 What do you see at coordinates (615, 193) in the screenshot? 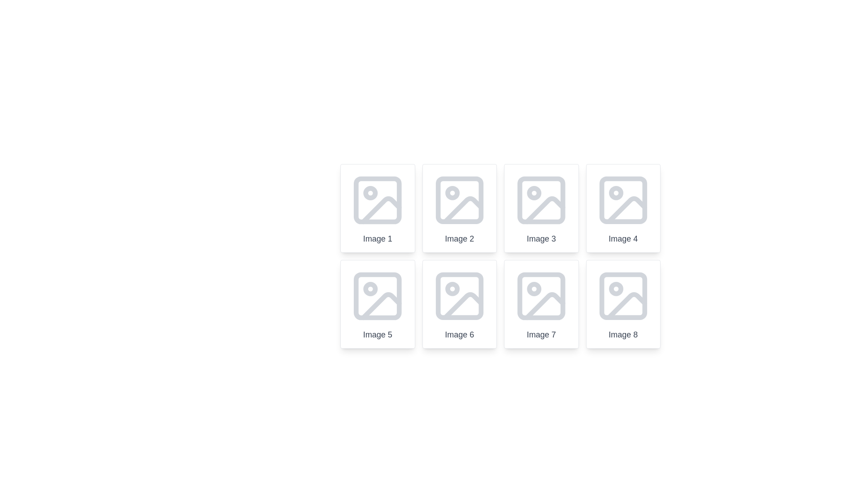
I see `the small circular SVG element, which is centrally located within the fourth image placeholder in the grid layout` at bounding box center [615, 193].